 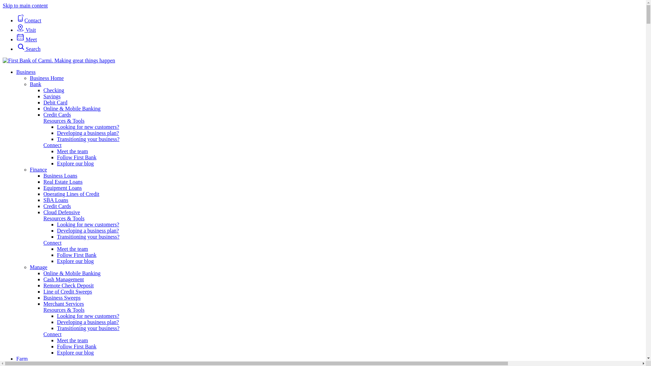 What do you see at coordinates (62, 188) in the screenshot?
I see `'Equipment Loans'` at bounding box center [62, 188].